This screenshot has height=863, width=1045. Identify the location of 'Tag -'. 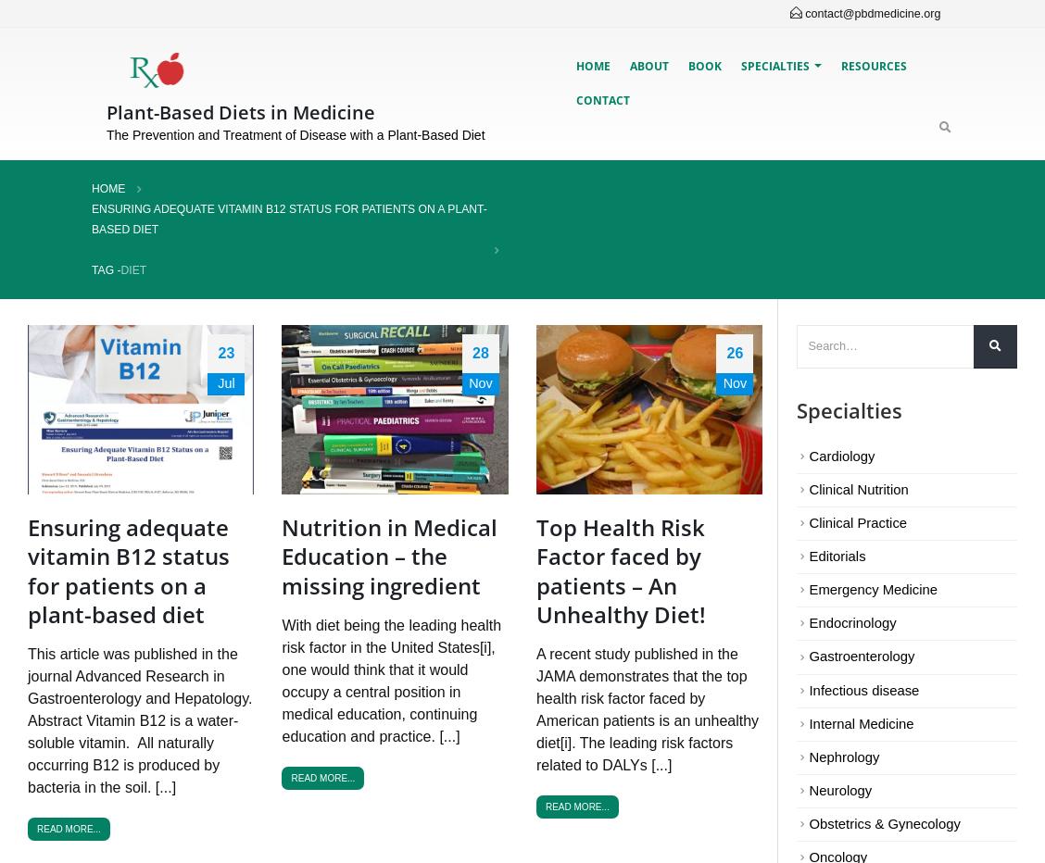
(106, 268).